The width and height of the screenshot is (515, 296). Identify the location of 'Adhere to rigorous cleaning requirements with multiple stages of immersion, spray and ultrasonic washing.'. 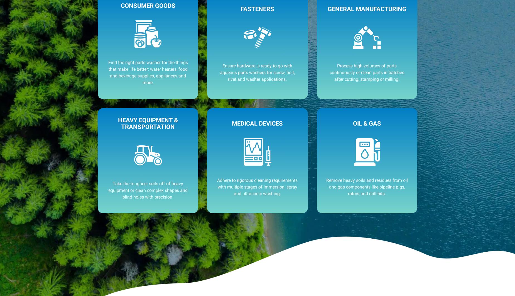
(257, 186).